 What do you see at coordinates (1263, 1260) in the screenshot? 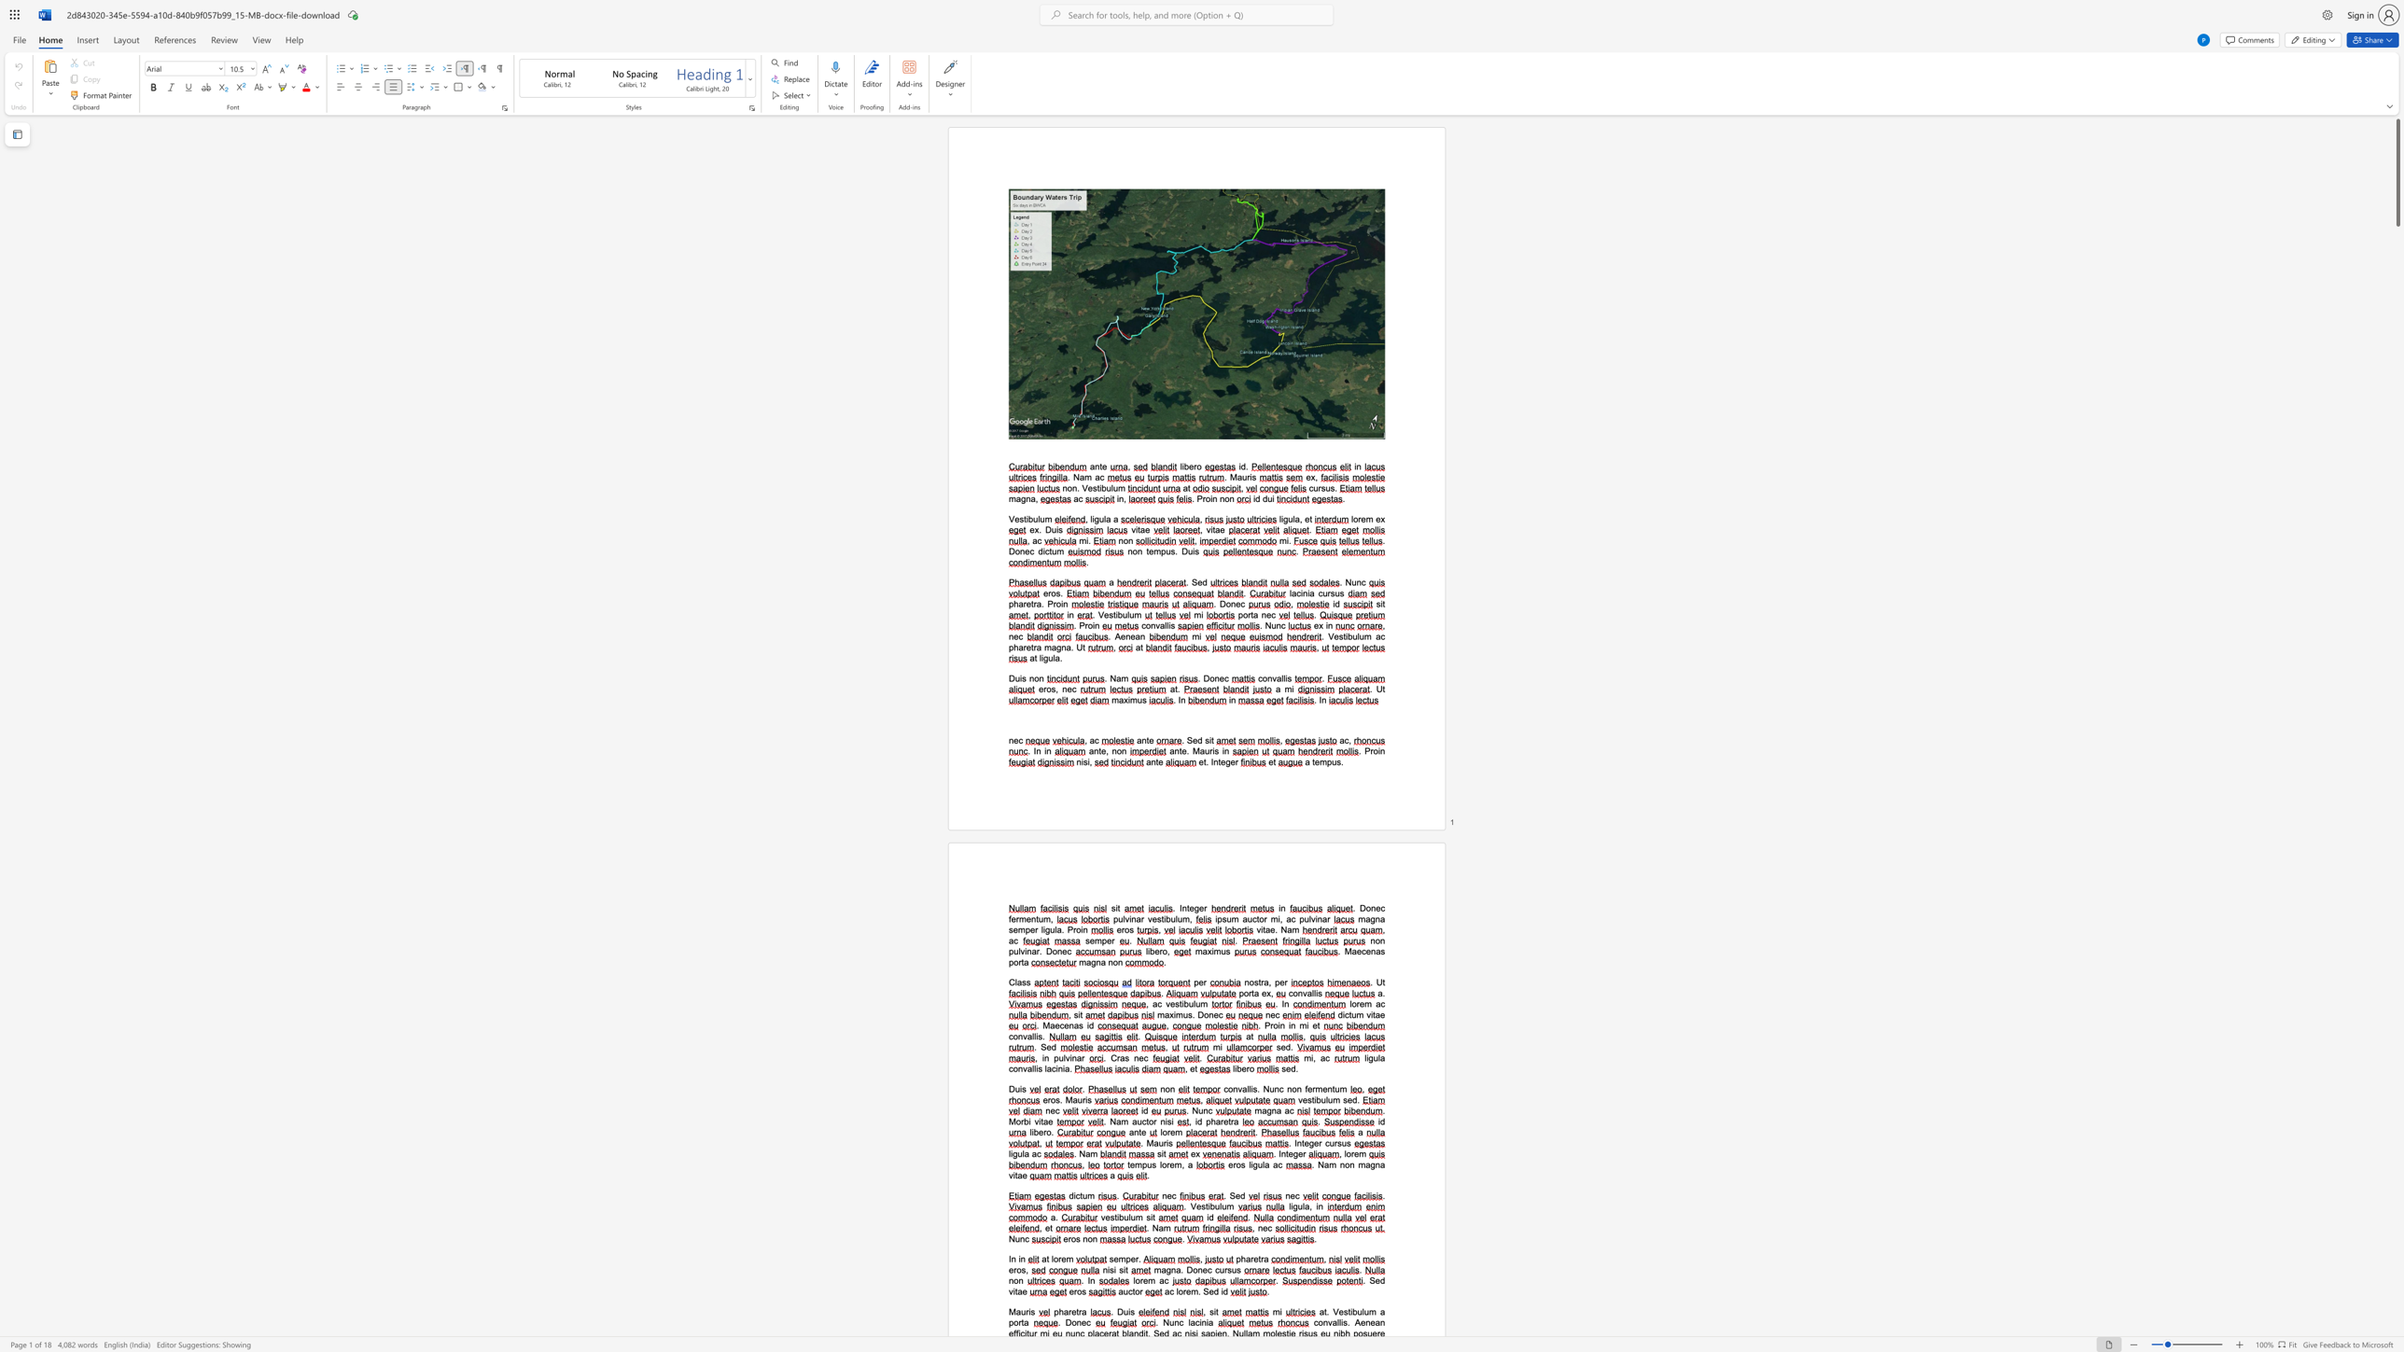
I see `the space between the continuous character "r" and "a" in the text` at bounding box center [1263, 1260].